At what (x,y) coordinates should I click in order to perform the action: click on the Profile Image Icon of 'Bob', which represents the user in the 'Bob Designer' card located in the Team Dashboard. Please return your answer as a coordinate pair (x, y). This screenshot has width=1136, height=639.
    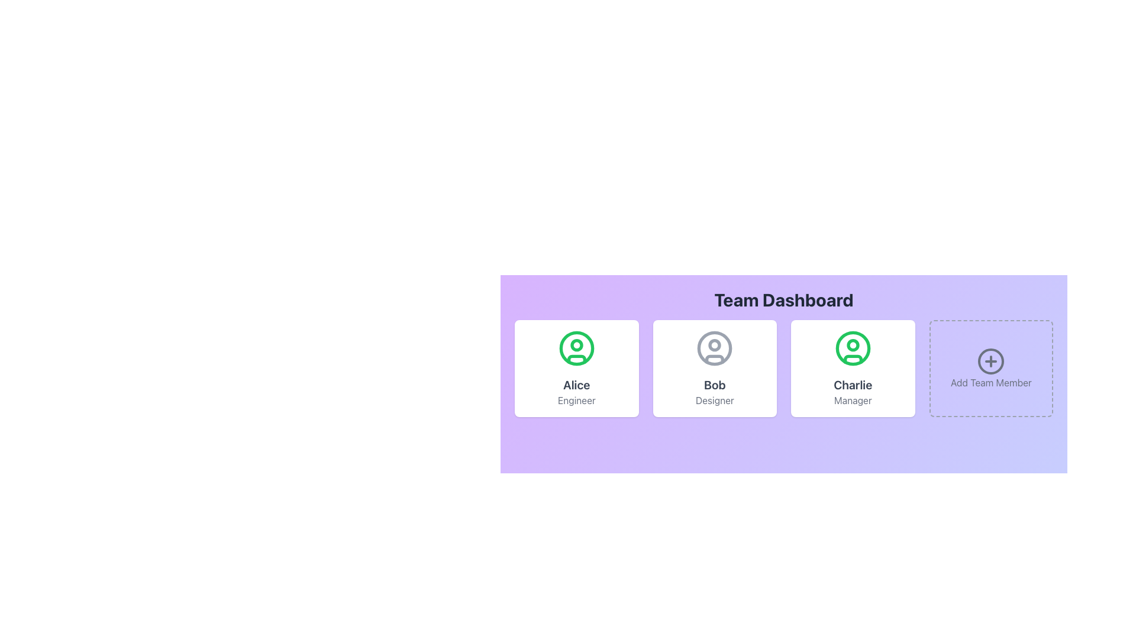
    Looking at the image, I should click on (714, 348).